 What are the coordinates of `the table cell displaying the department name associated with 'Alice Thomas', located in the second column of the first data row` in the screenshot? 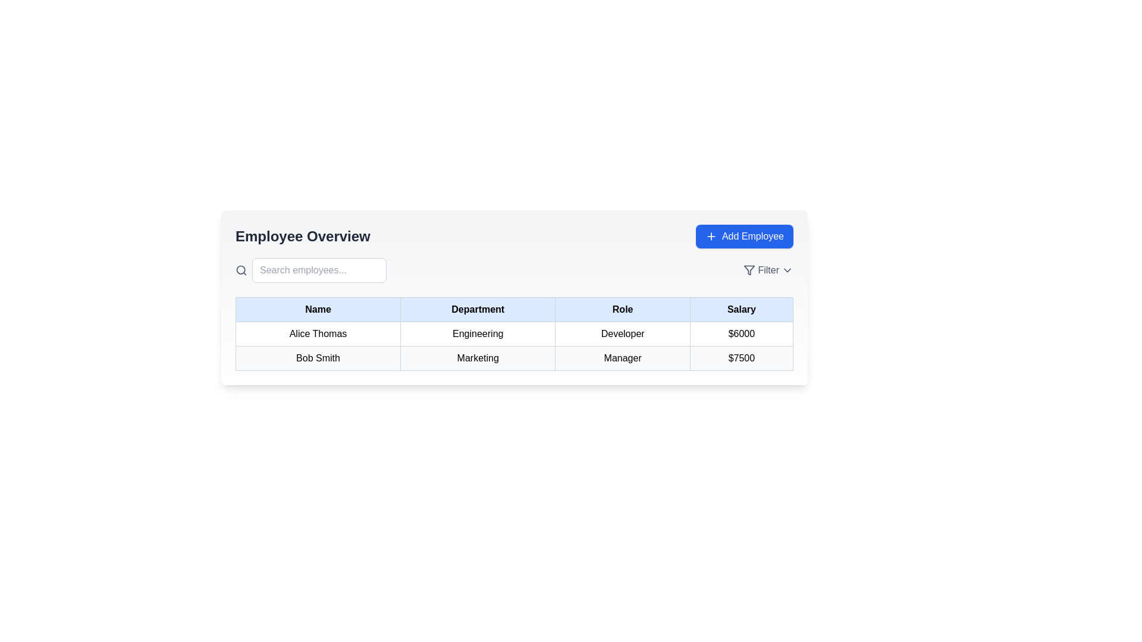 It's located at (478, 334).